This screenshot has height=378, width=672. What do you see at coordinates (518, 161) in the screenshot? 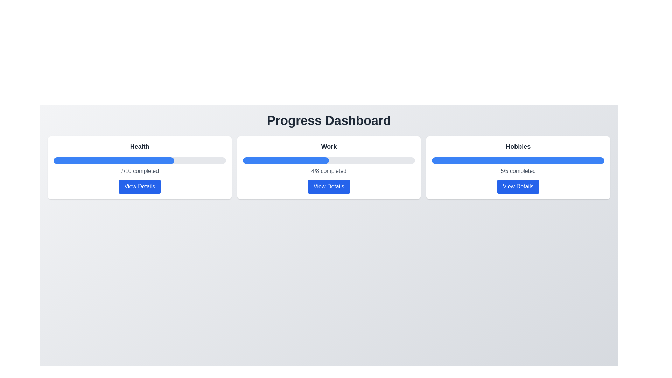
I see `the horizontal progress bar with a gray background and blue filled section located within the 'Hobbies' card, positioned below the title 'Hobbies'` at bounding box center [518, 161].